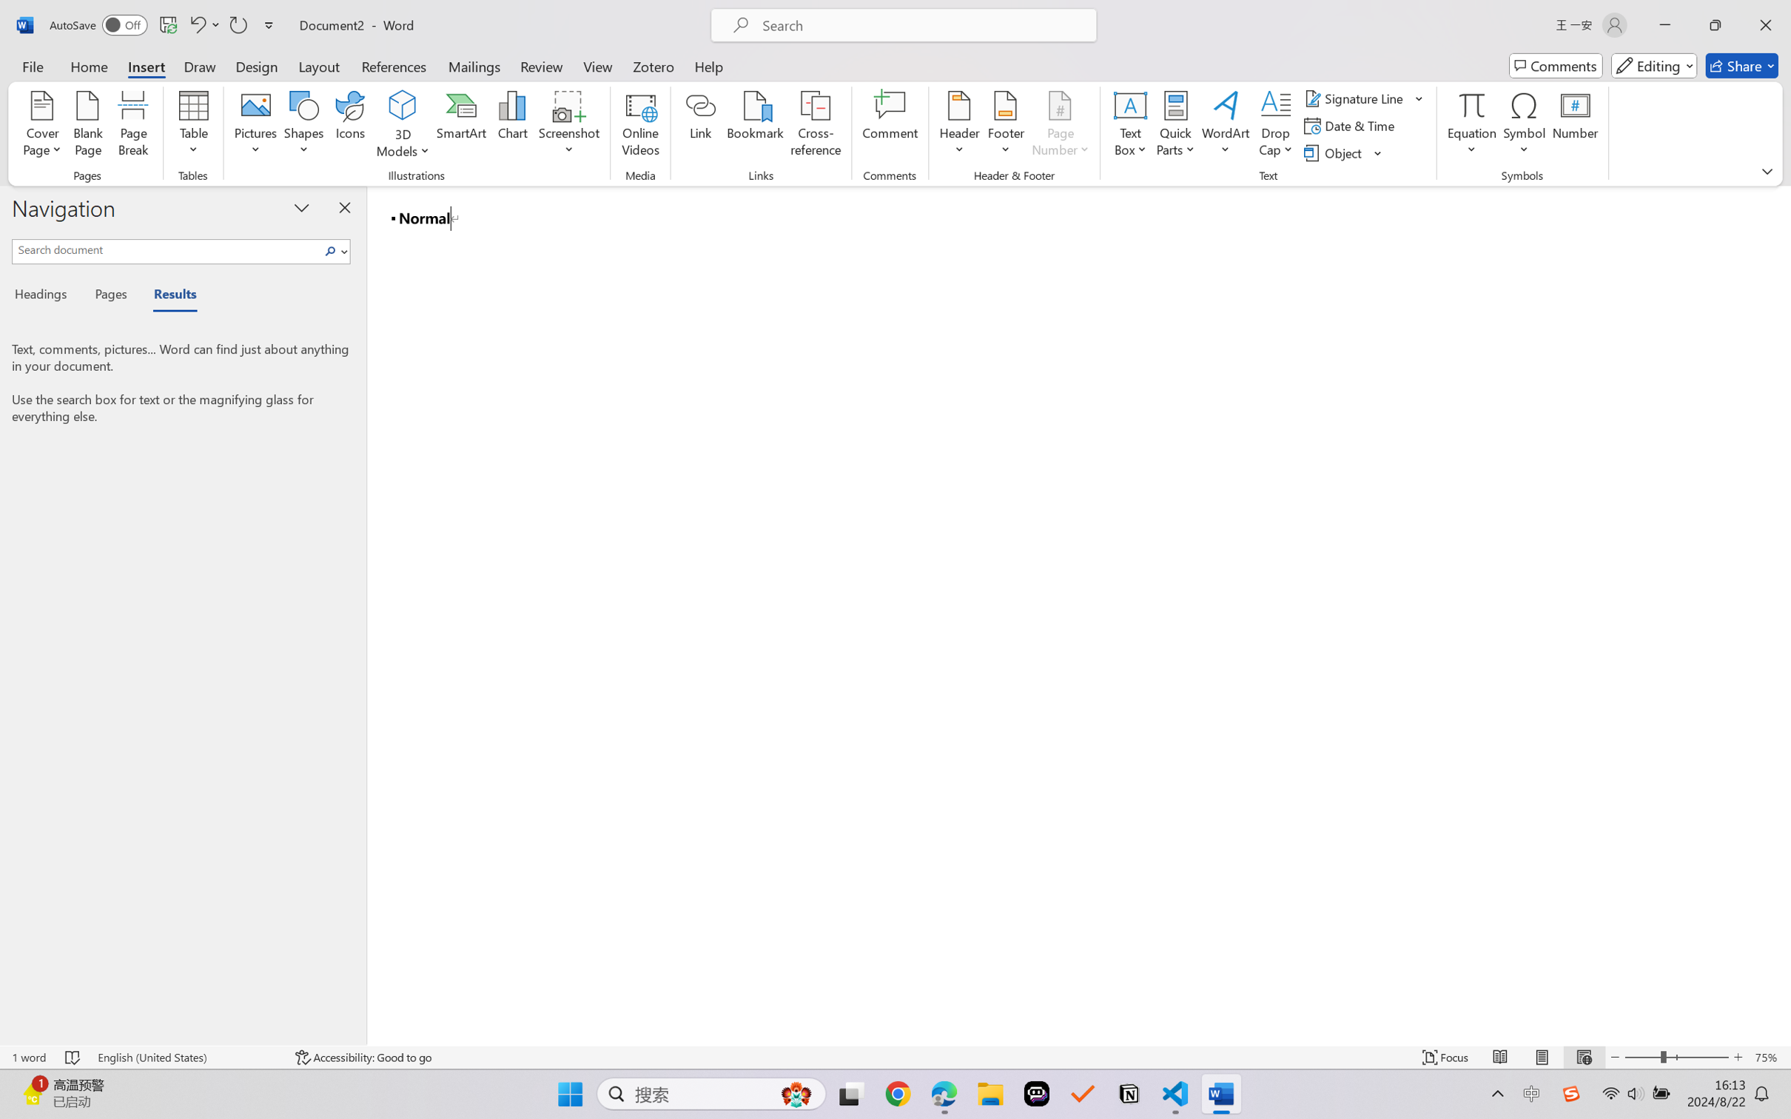 The height and width of the screenshot is (1119, 1791). I want to click on 'Pictures', so click(256, 126).